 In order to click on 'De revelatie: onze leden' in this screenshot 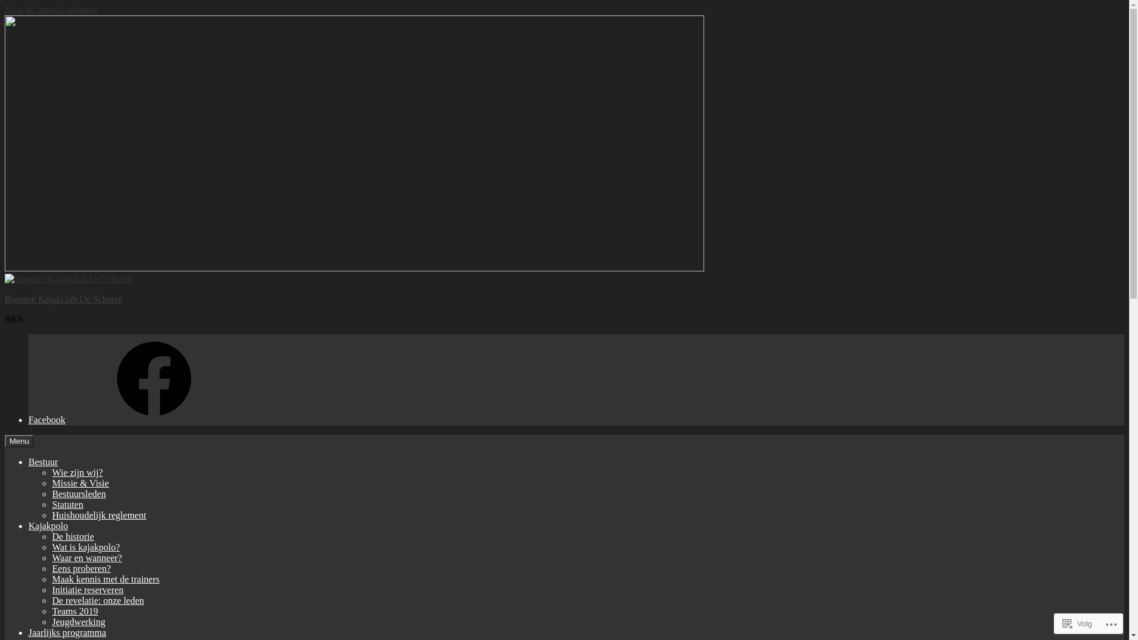, I will do `click(98, 600)`.